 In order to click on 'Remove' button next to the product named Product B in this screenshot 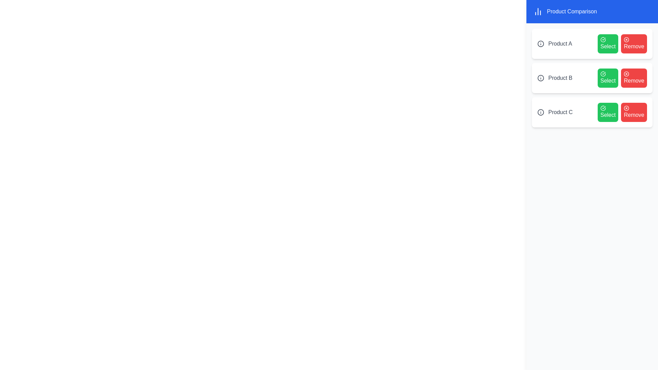, I will do `click(634, 77)`.